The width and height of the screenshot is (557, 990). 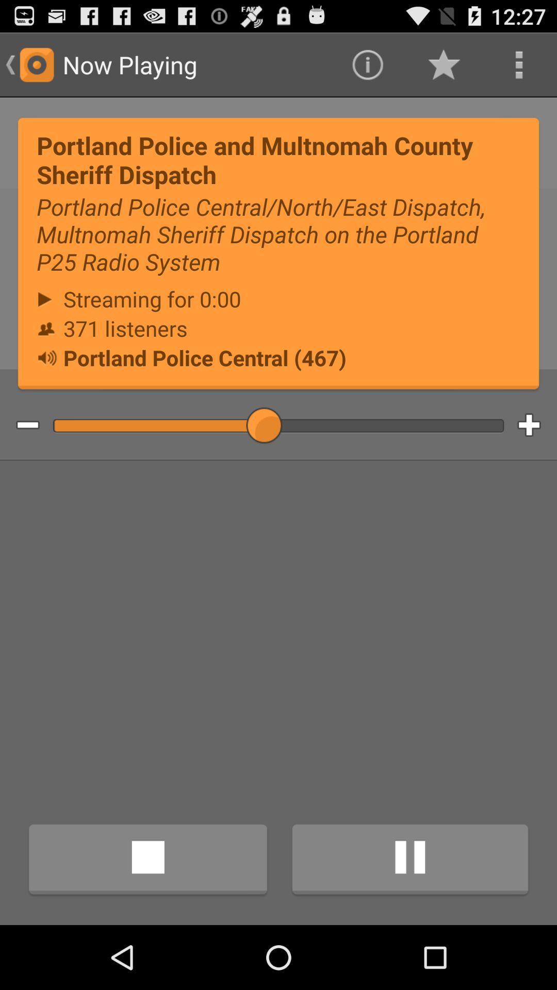 What do you see at coordinates (367, 64) in the screenshot?
I see `the app above the portland police and icon` at bounding box center [367, 64].